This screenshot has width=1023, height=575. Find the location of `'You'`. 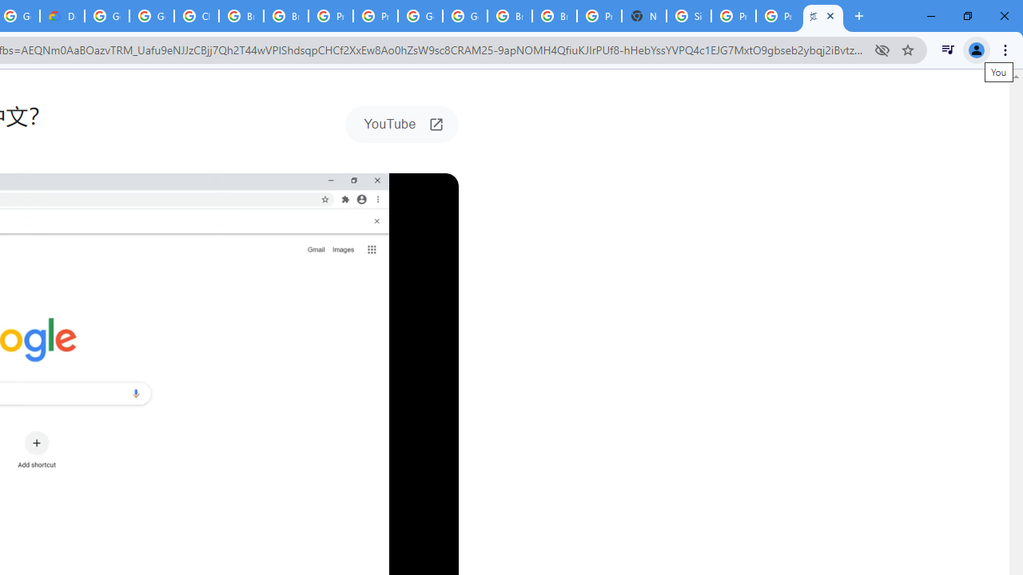

'You' is located at coordinates (975, 49).